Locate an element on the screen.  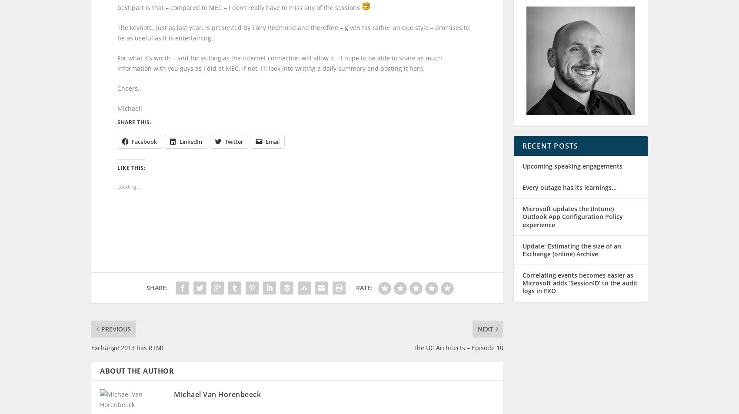
'Update: Estimating the size of an Exchange (online) Archive' is located at coordinates (572, 258).